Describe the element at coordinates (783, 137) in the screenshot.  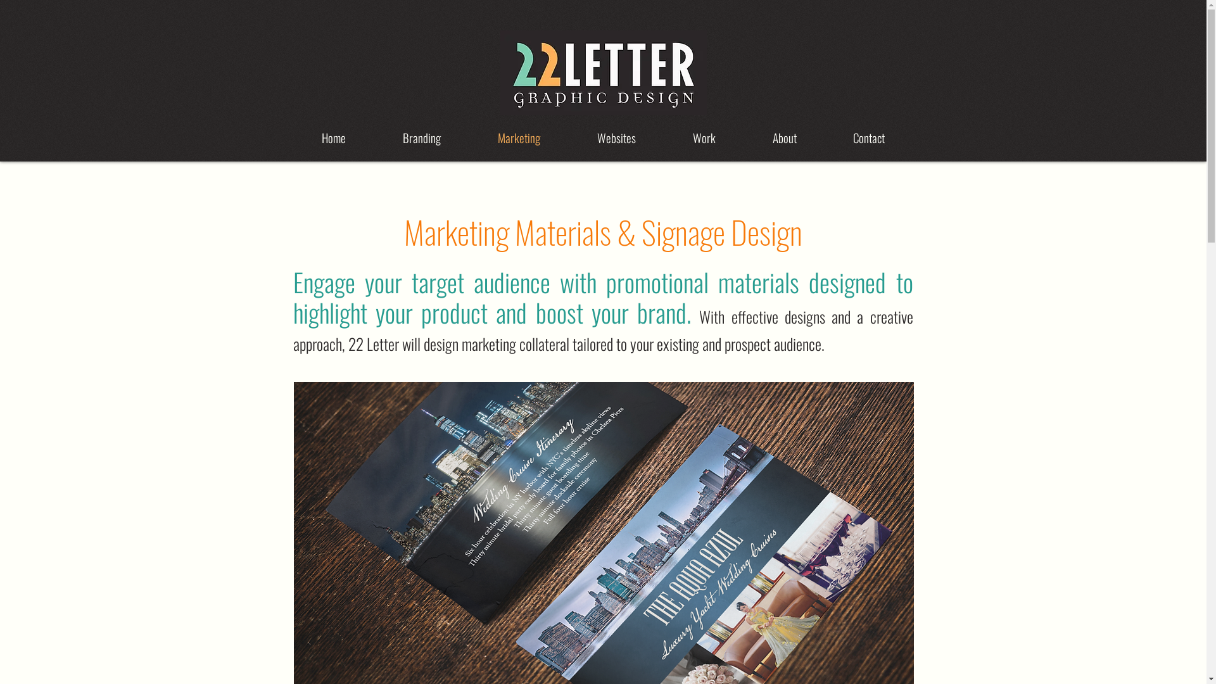
I see `'About'` at that location.